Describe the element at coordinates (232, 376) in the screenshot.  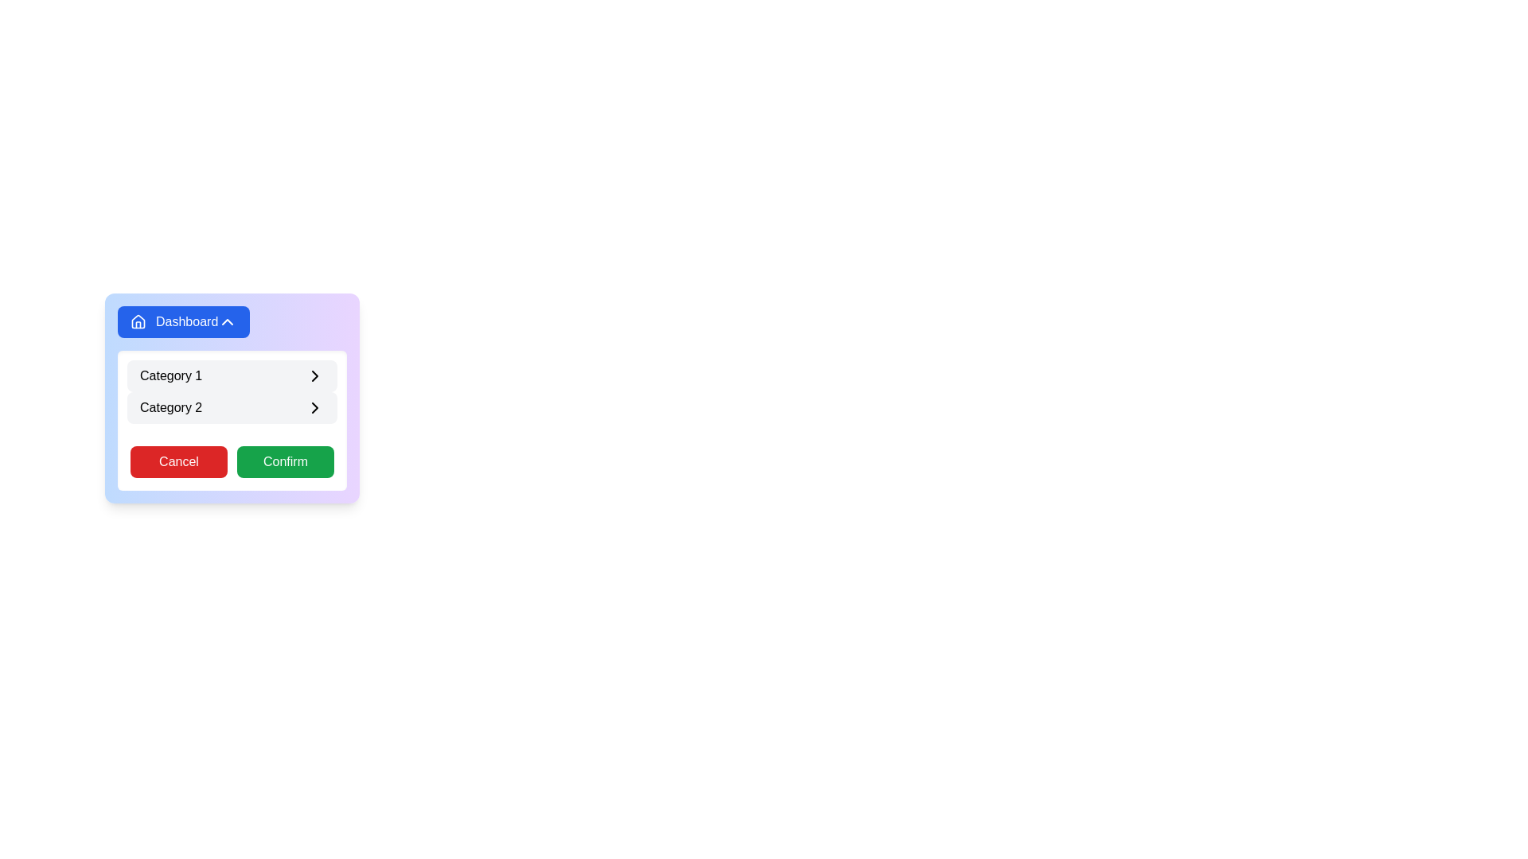
I see `the first list item labeled 'Category 1'` at that location.